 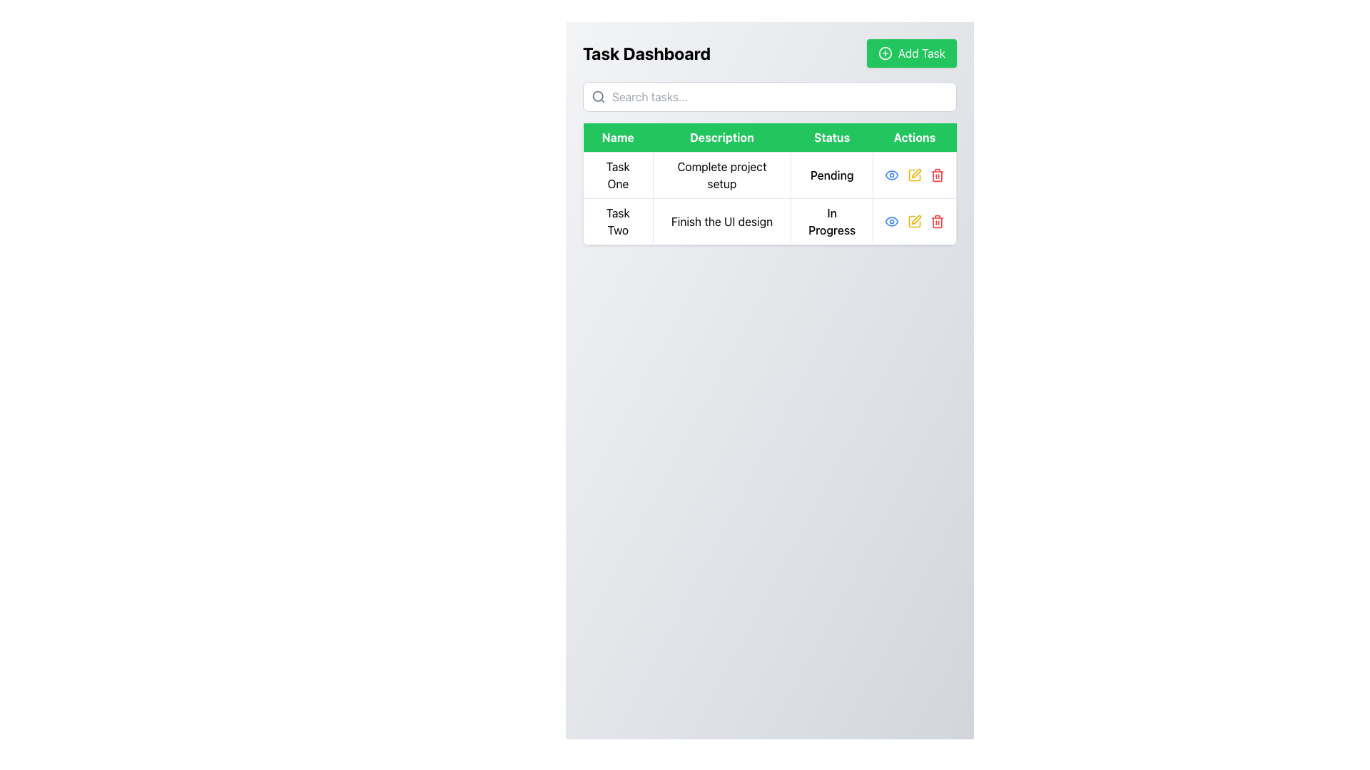 I want to click on the circular lens of the search magnifying glass icon located in the upper-left portion of the search bar area, so click(x=598, y=96).